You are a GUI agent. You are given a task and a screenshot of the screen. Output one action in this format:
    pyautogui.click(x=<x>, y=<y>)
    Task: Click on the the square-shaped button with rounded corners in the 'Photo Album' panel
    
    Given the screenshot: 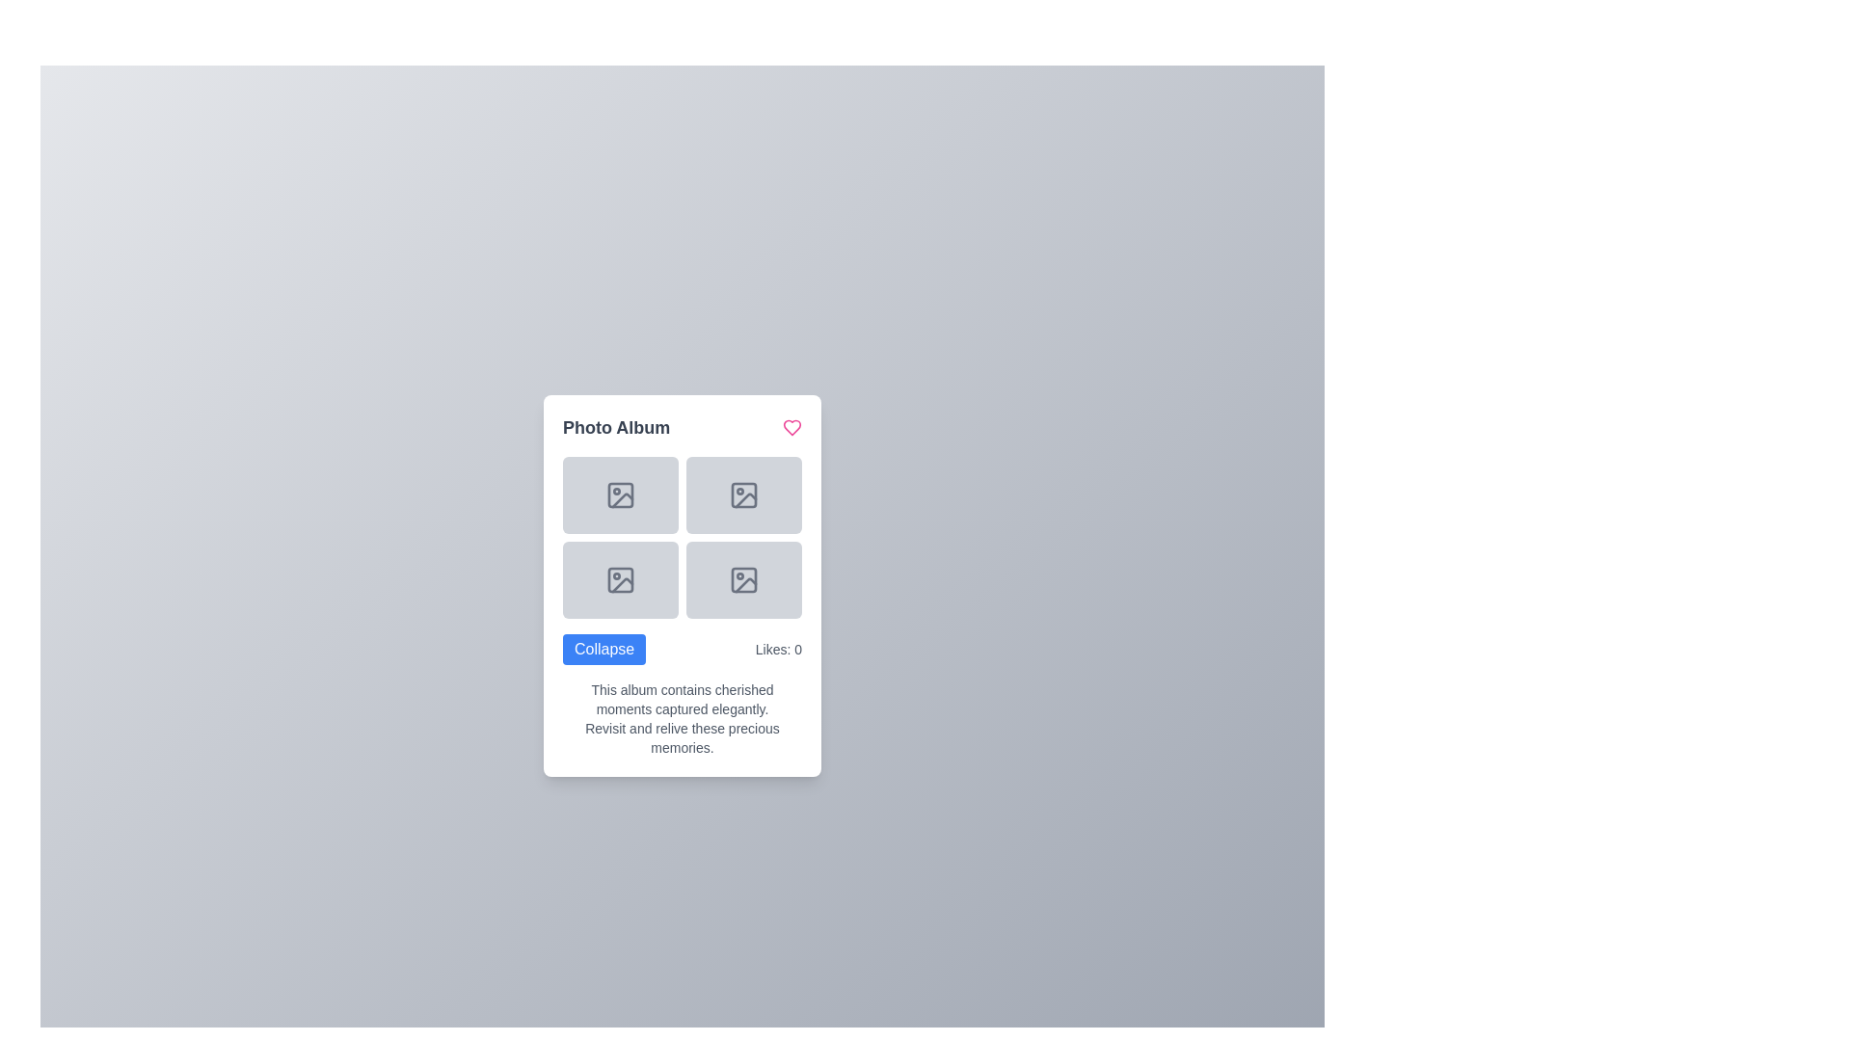 What is the action you would take?
    pyautogui.click(x=620, y=494)
    